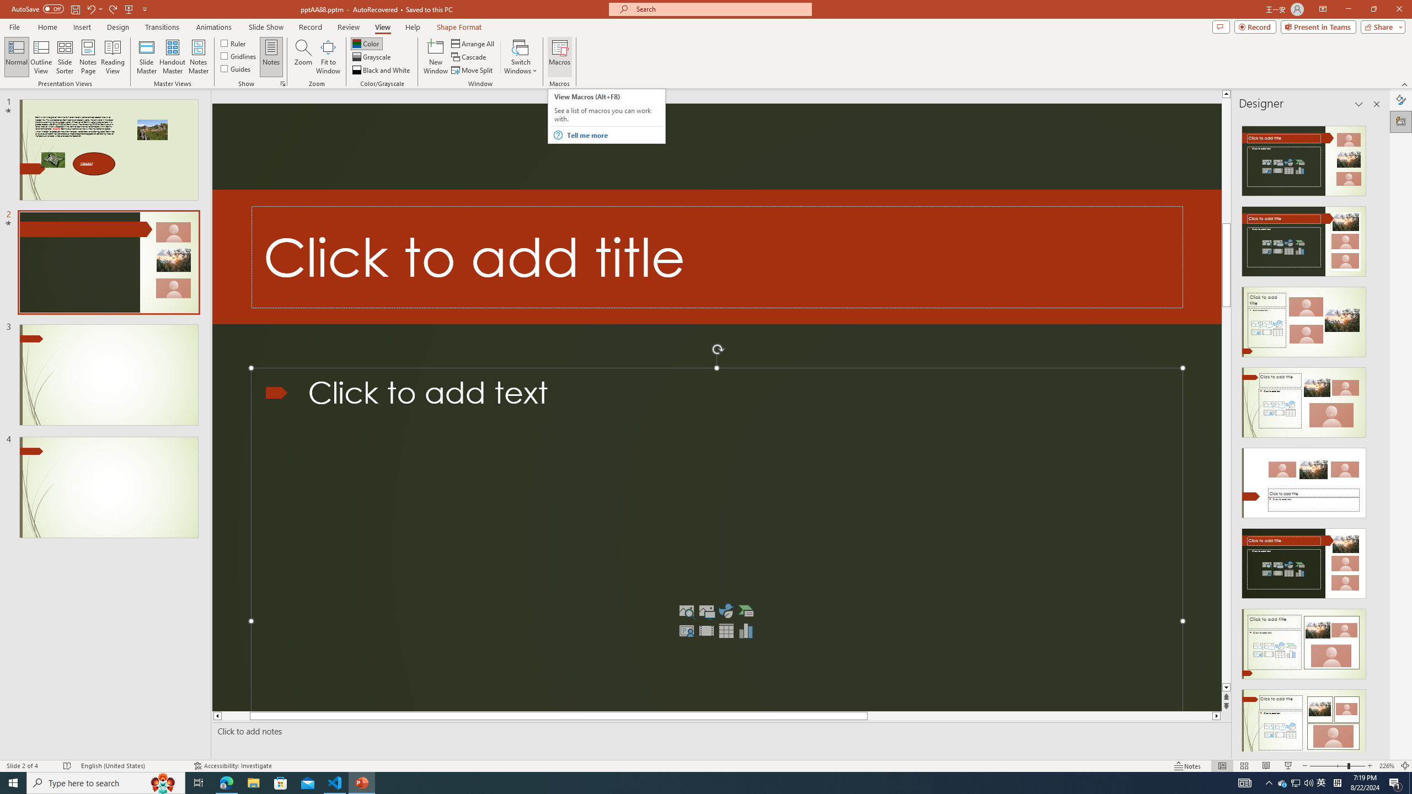 The image size is (1412, 794). What do you see at coordinates (1304, 157) in the screenshot?
I see `'Recommended Design: Design Idea'` at bounding box center [1304, 157].